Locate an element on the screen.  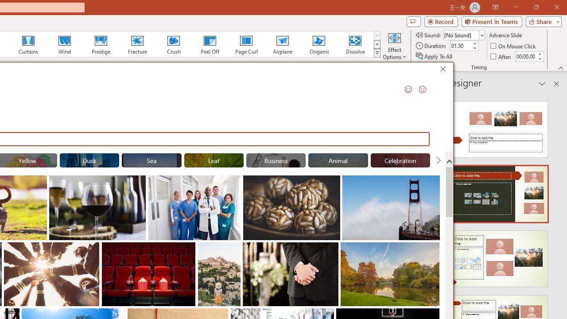
'More' is located at coordinates (539, 54).